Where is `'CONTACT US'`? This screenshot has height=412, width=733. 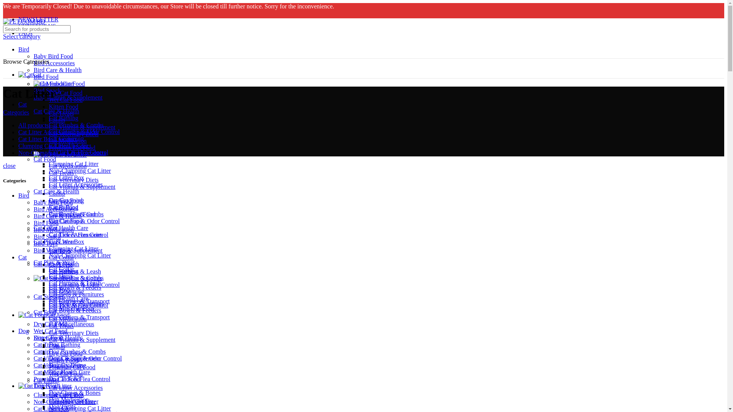
'CONTACT US' is located at coordinates (18, 26).